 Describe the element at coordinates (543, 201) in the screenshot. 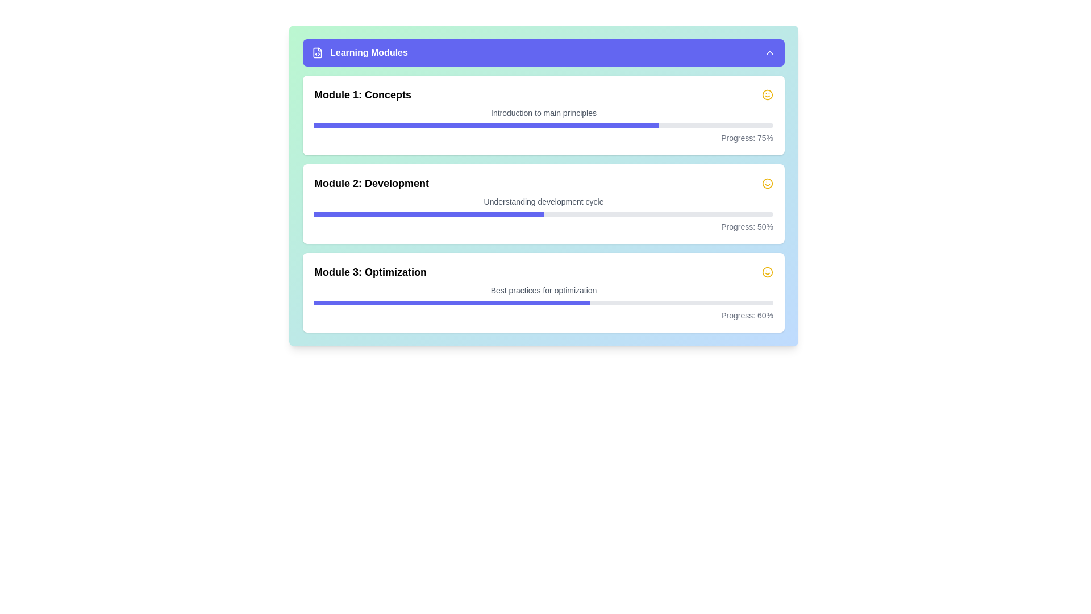

I see `the Text Label that describes the subsection within 'Module 2: Development', located below the module title and above the progress bar` at that location.